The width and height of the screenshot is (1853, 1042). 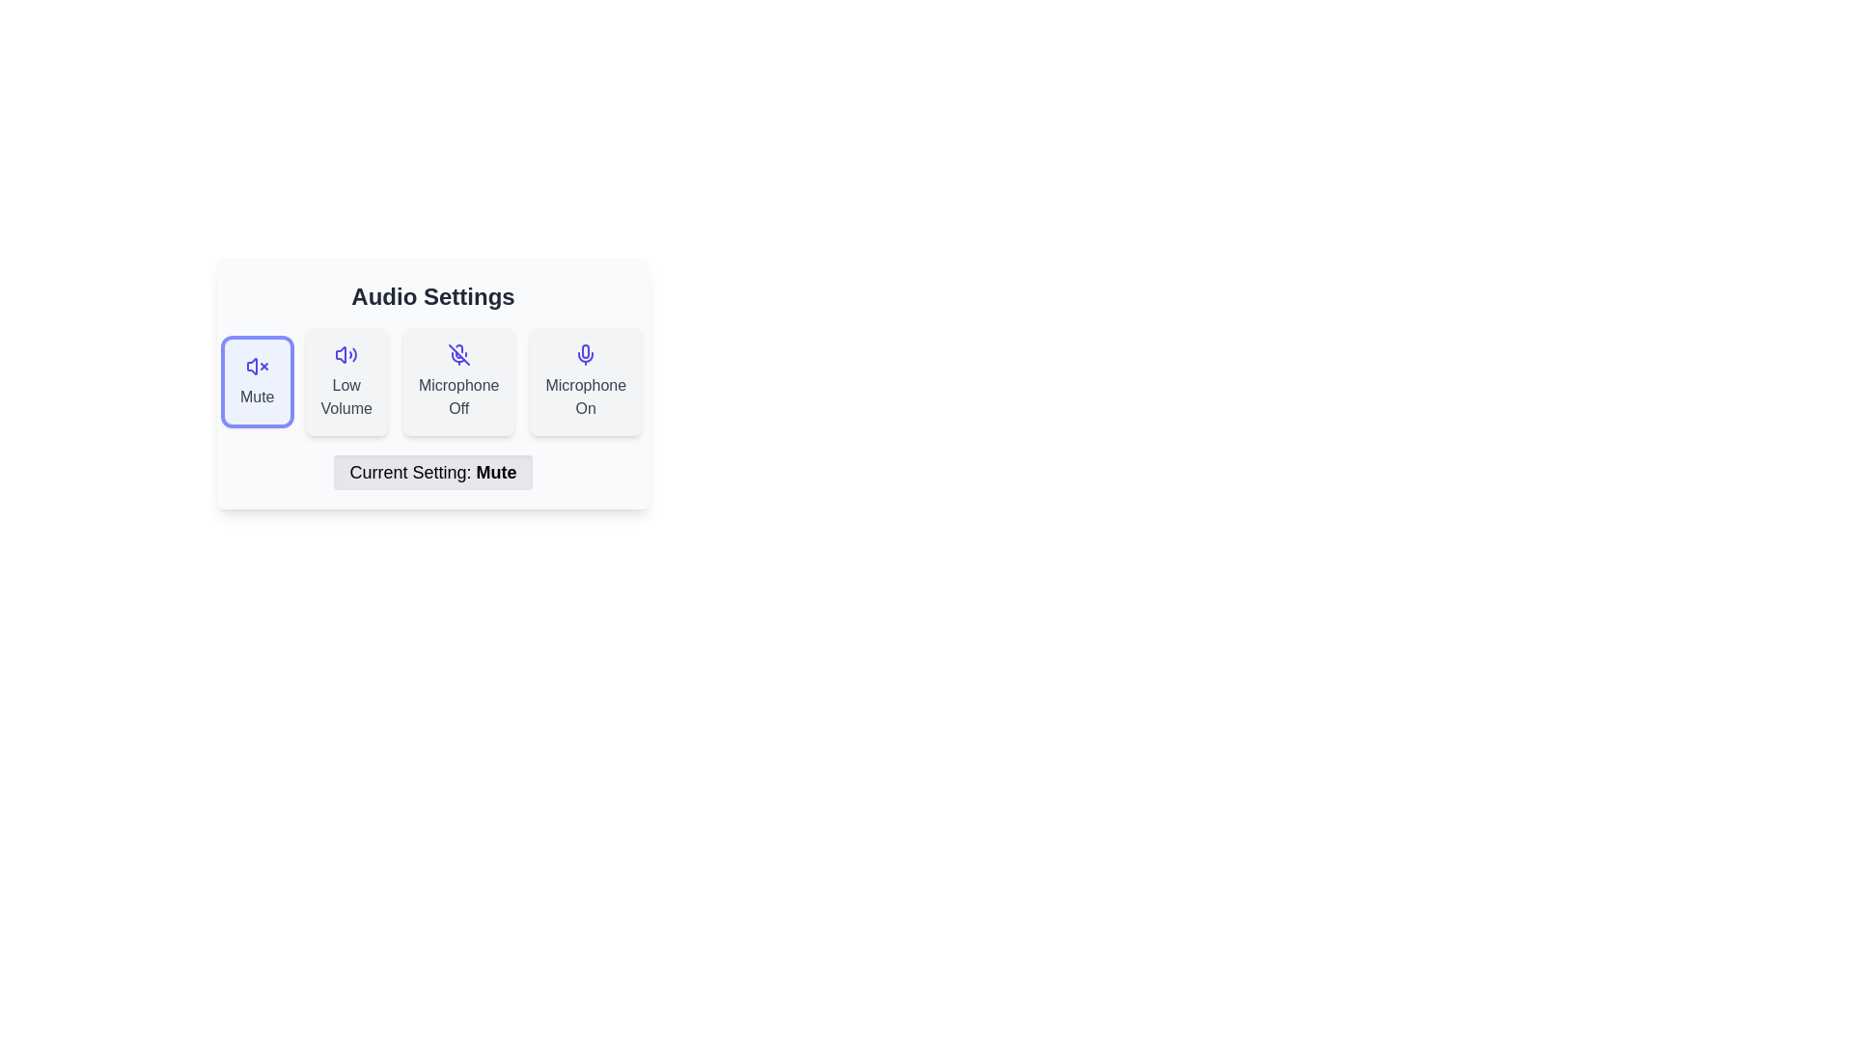 I want to click on the 'low sound' icon in the audio settings section, so click(x=346, y=354).